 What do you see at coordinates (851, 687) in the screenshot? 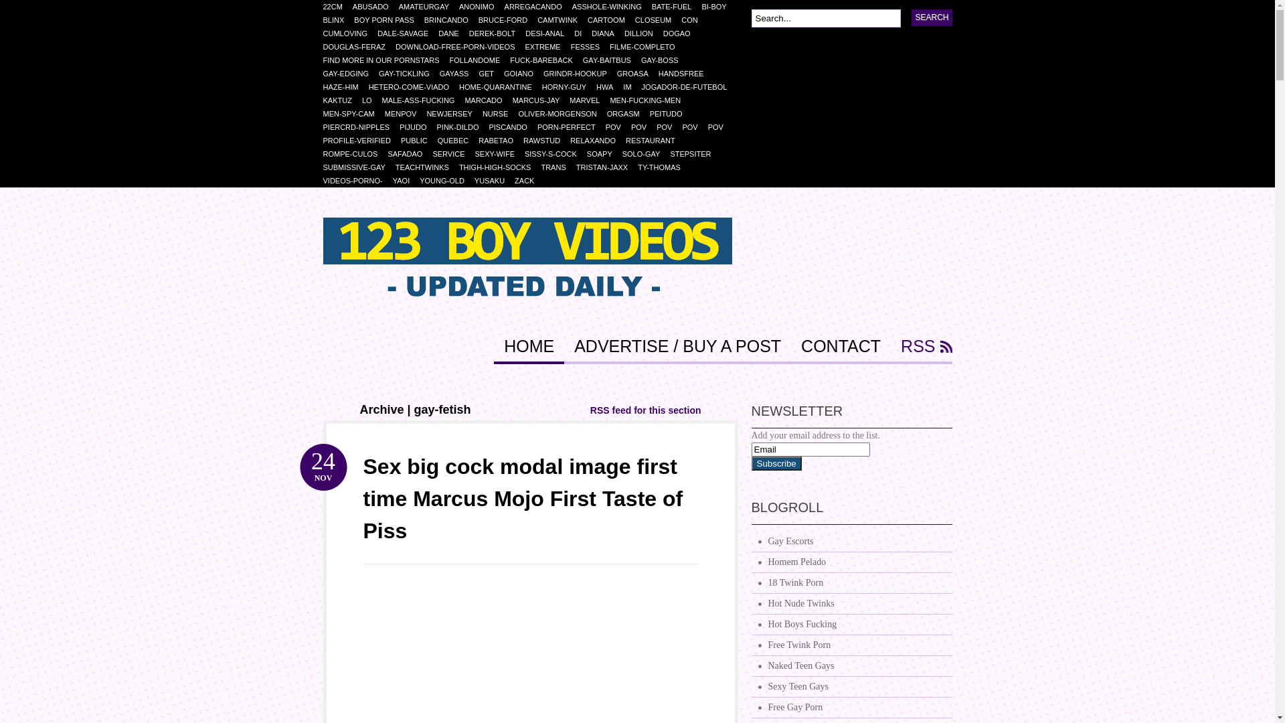
I see `'Sexy Teen Gays'` at bounding box center [851, 687].